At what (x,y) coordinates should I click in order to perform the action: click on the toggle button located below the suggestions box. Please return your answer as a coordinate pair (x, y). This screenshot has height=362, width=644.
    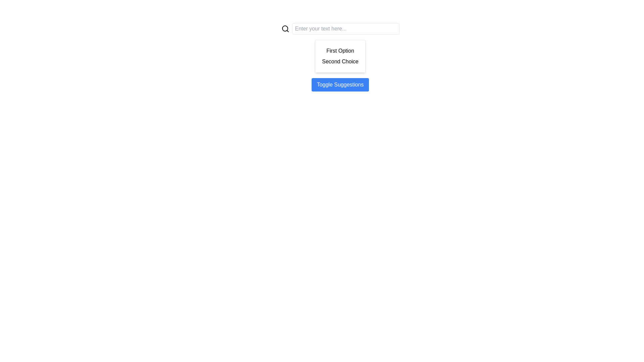
    Looking at the image, I should click on (340, 84).